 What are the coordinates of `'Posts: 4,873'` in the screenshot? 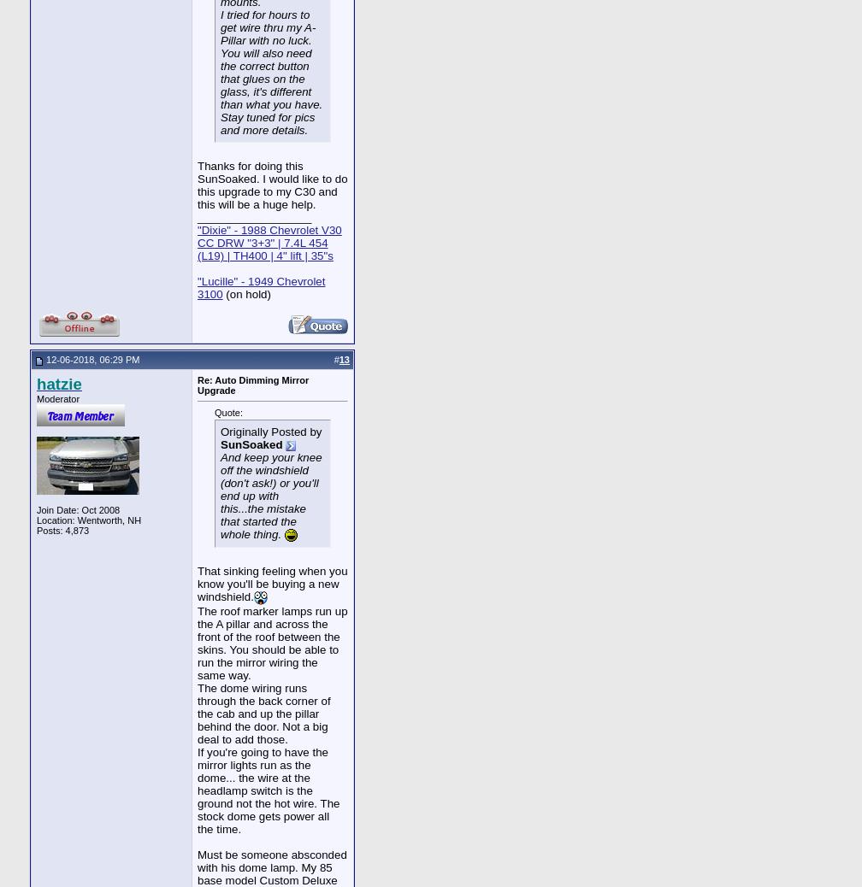 It's located at (62, 528).